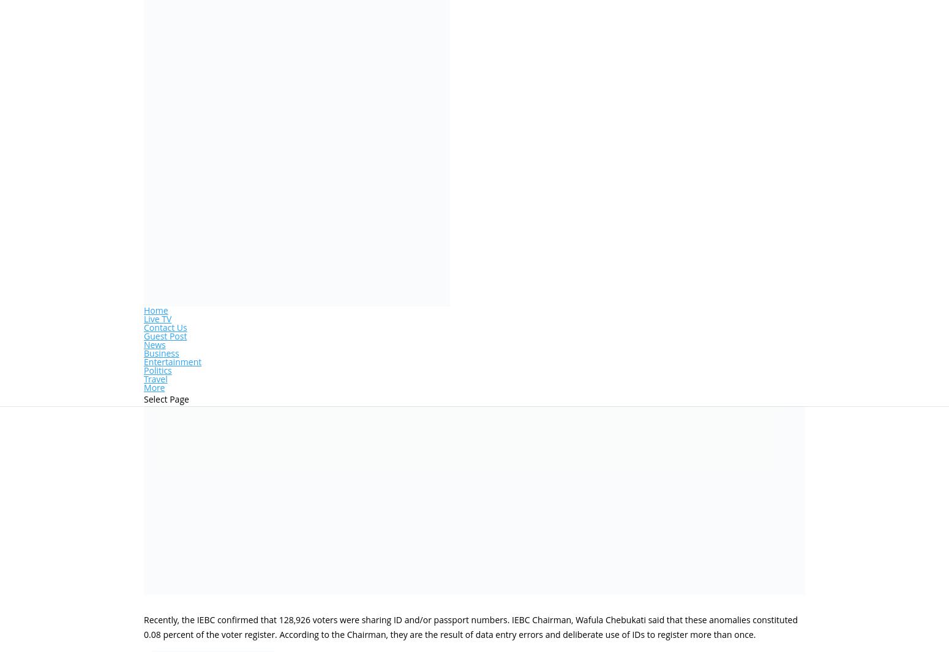 The height and width of the screenshot is (652, 949). I want to click on 'by', so click(149, 167).